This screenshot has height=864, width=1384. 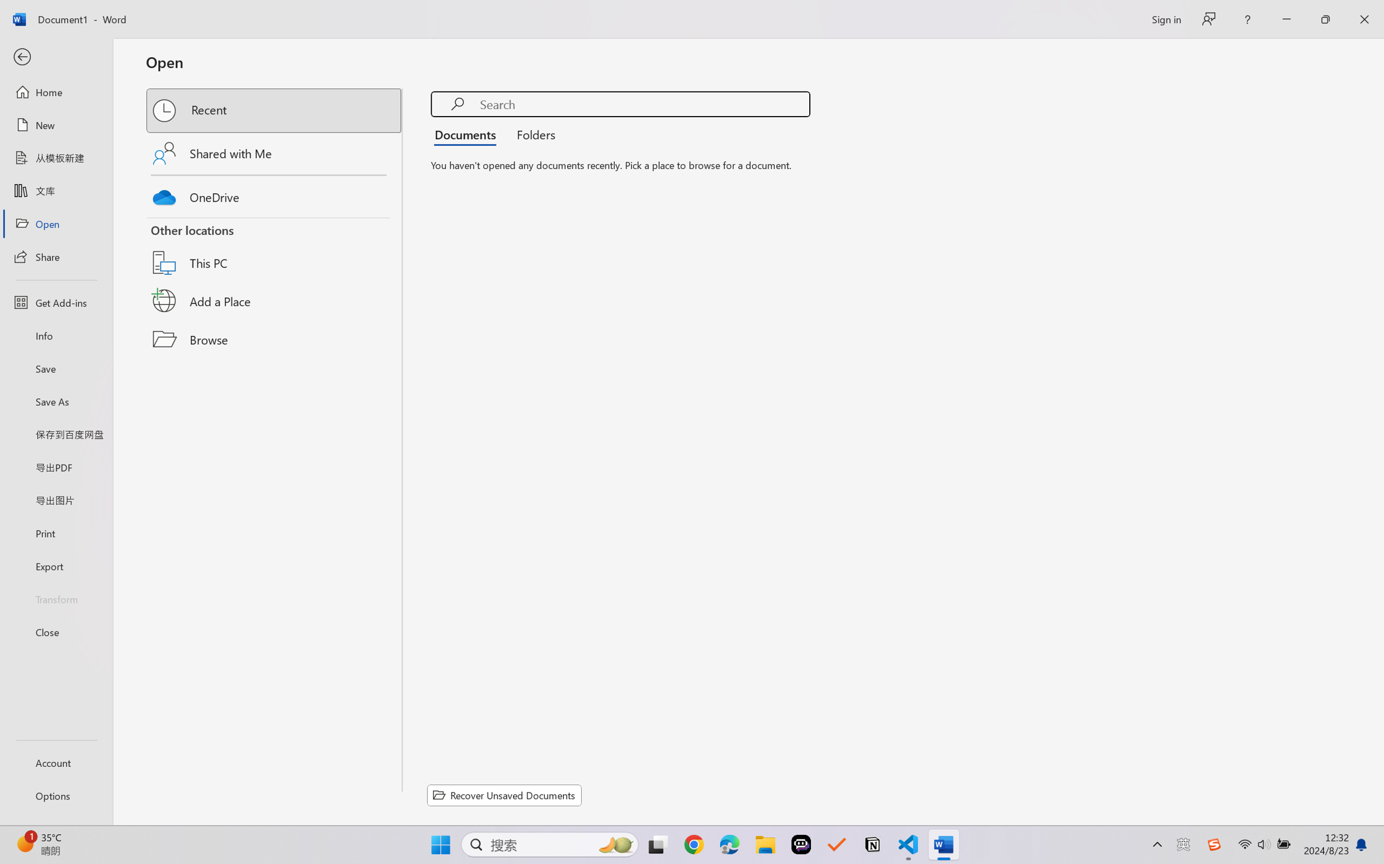 What do you see at coordinates (275, 300) in the screenshot?
I see `'Add a Place'` at bounding box center [275, 300].